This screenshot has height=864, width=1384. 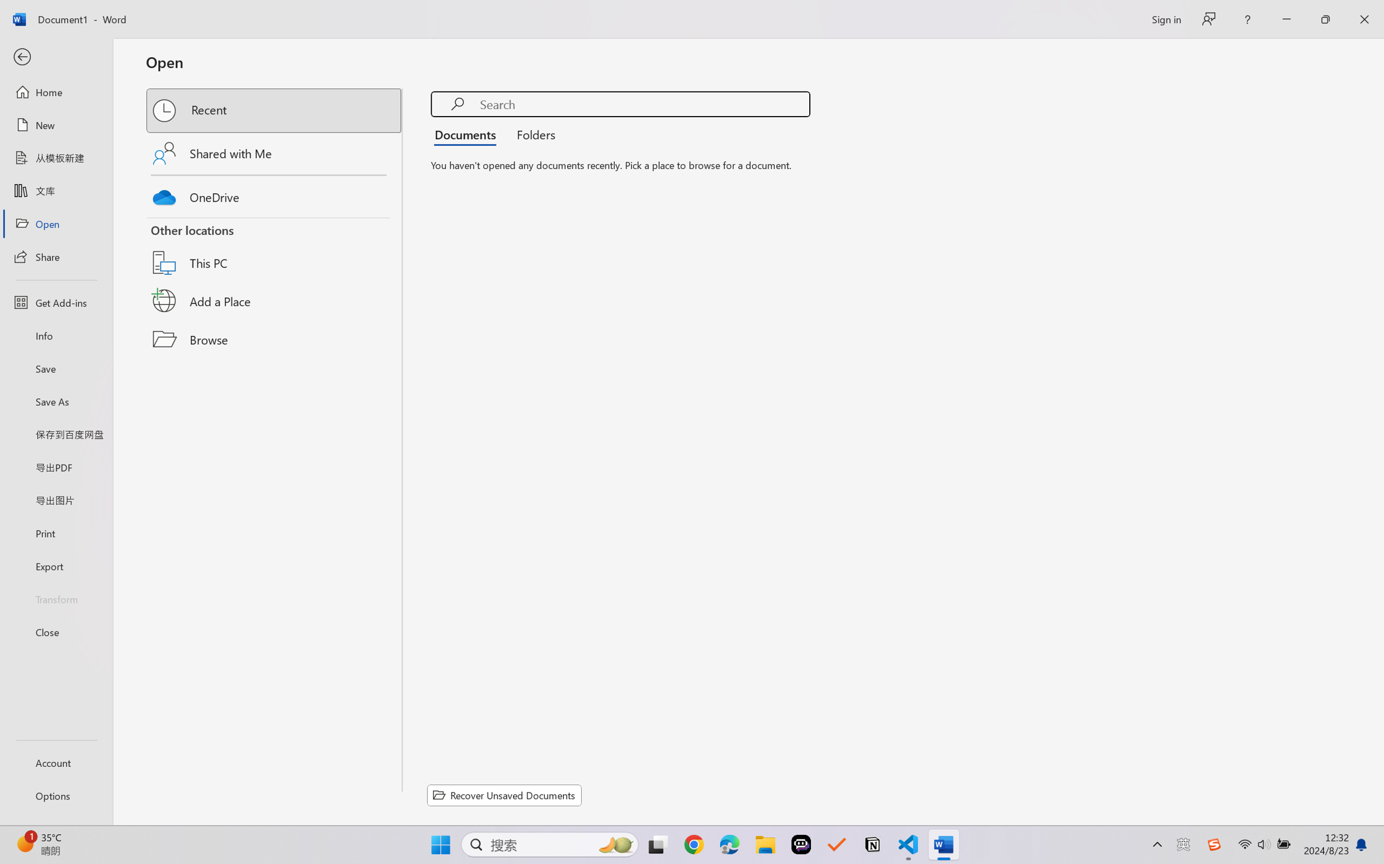 What do you see at coordinates (275, 300) in the screenshot?
I see `'Add a Place'` at bounding box center [275, 300].